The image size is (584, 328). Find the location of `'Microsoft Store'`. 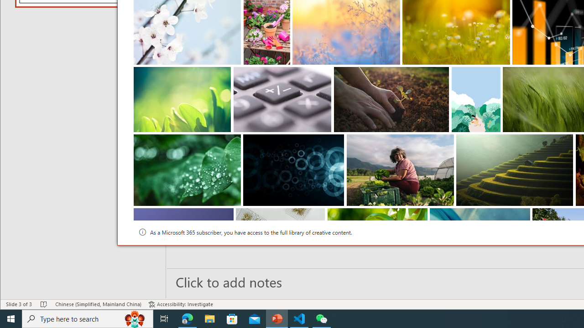

'Microsoft Store' is located at coordinates (232, 318).